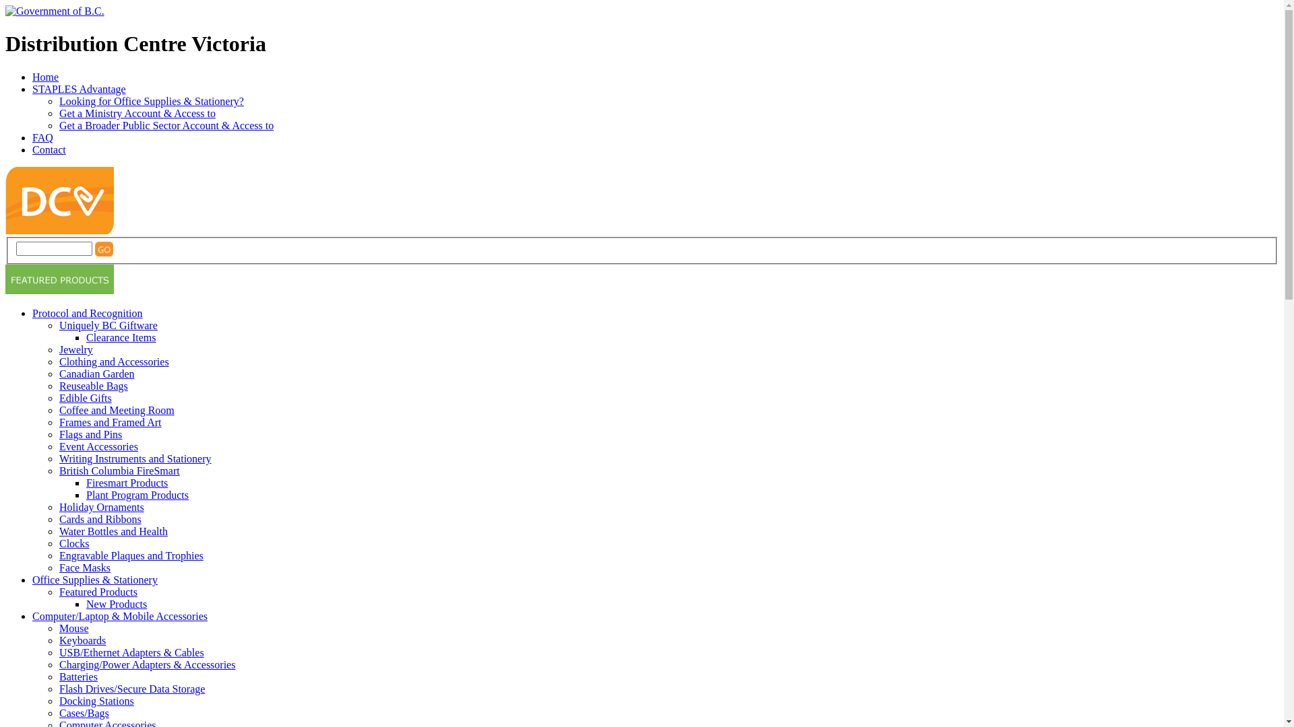 The height and width of the screenshot is (727, 1294). I want to click on 'Clocks', so click(58, 543).